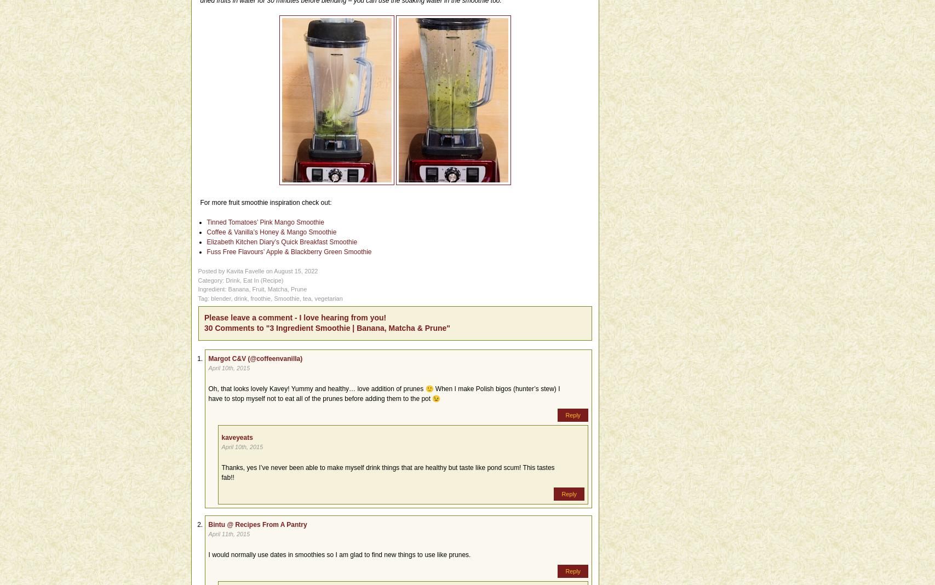 This screenshot has height=585, width=935. I want to click on 'Kavita Favelle', so click(245, 271).